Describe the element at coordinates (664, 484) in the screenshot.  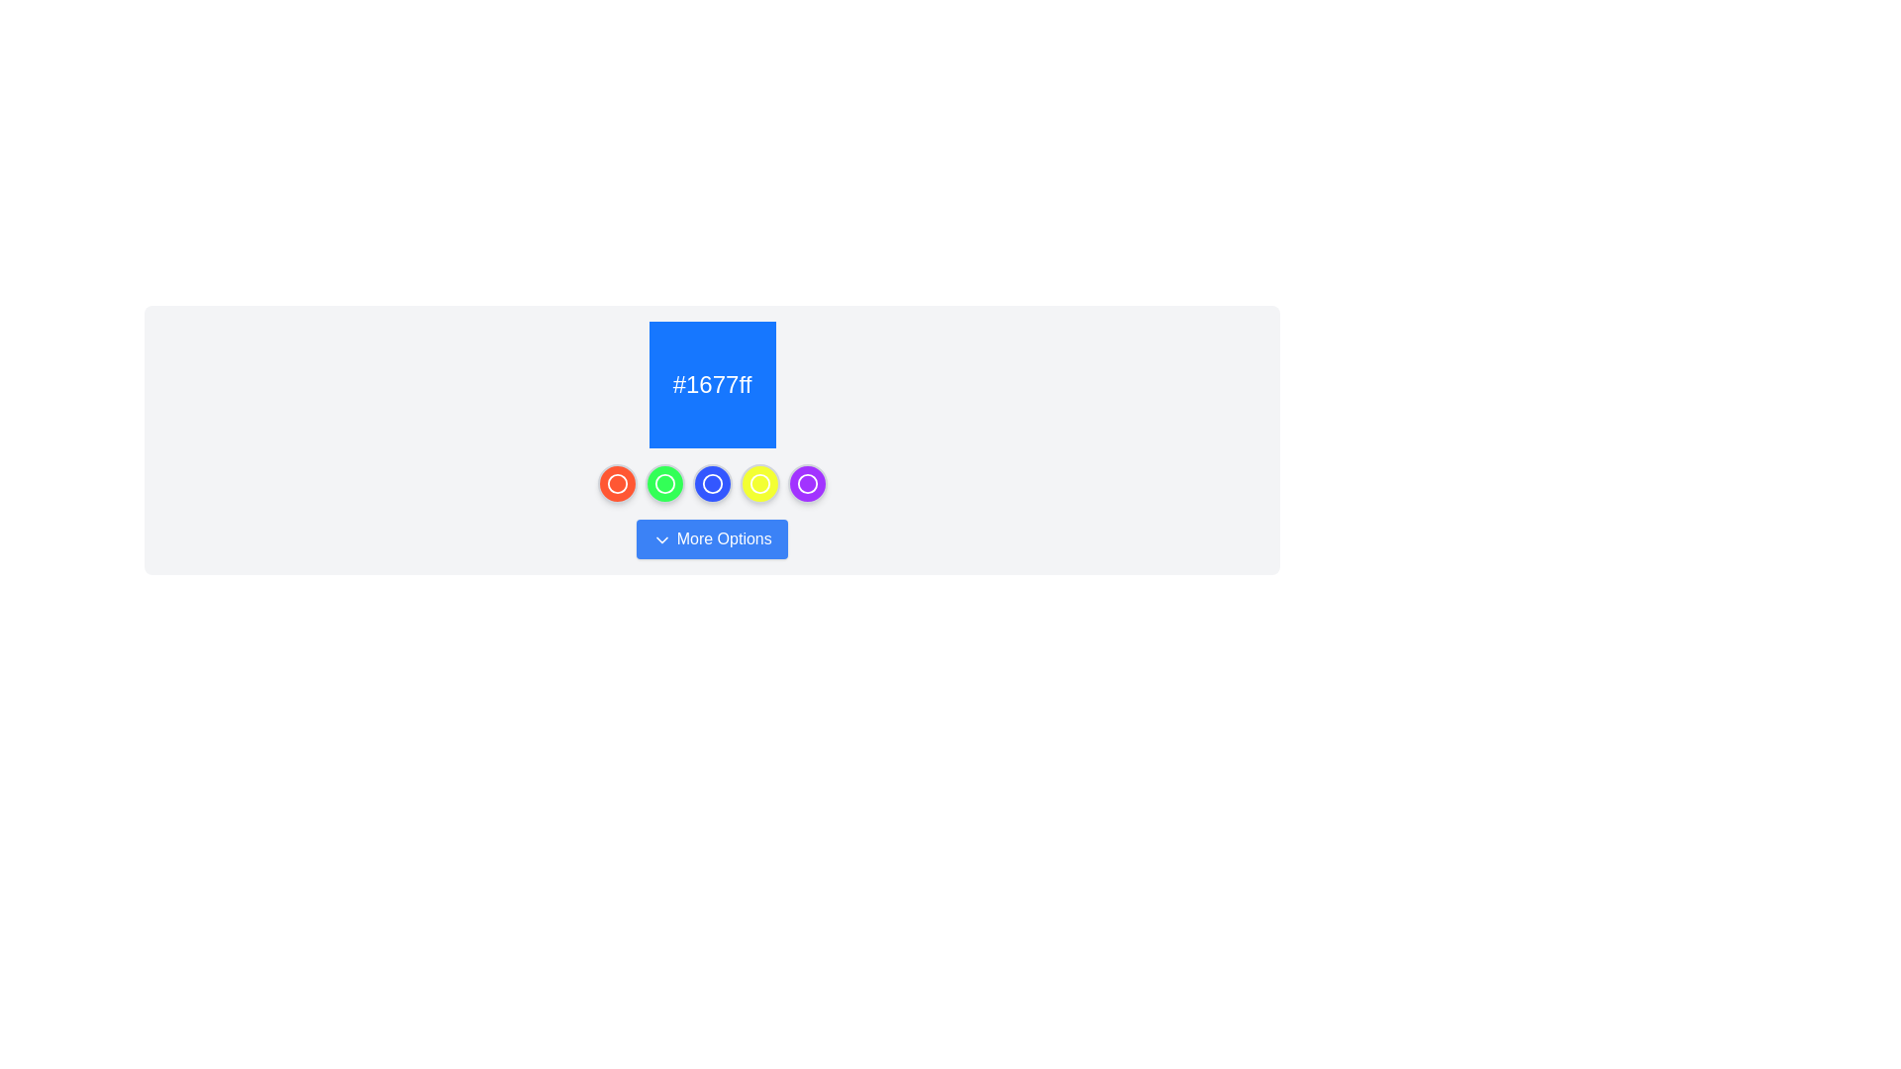
I see `the circular icon with a white stroke and green background, which is the second icon in a horizontally arranged group of similar icons` at that location.